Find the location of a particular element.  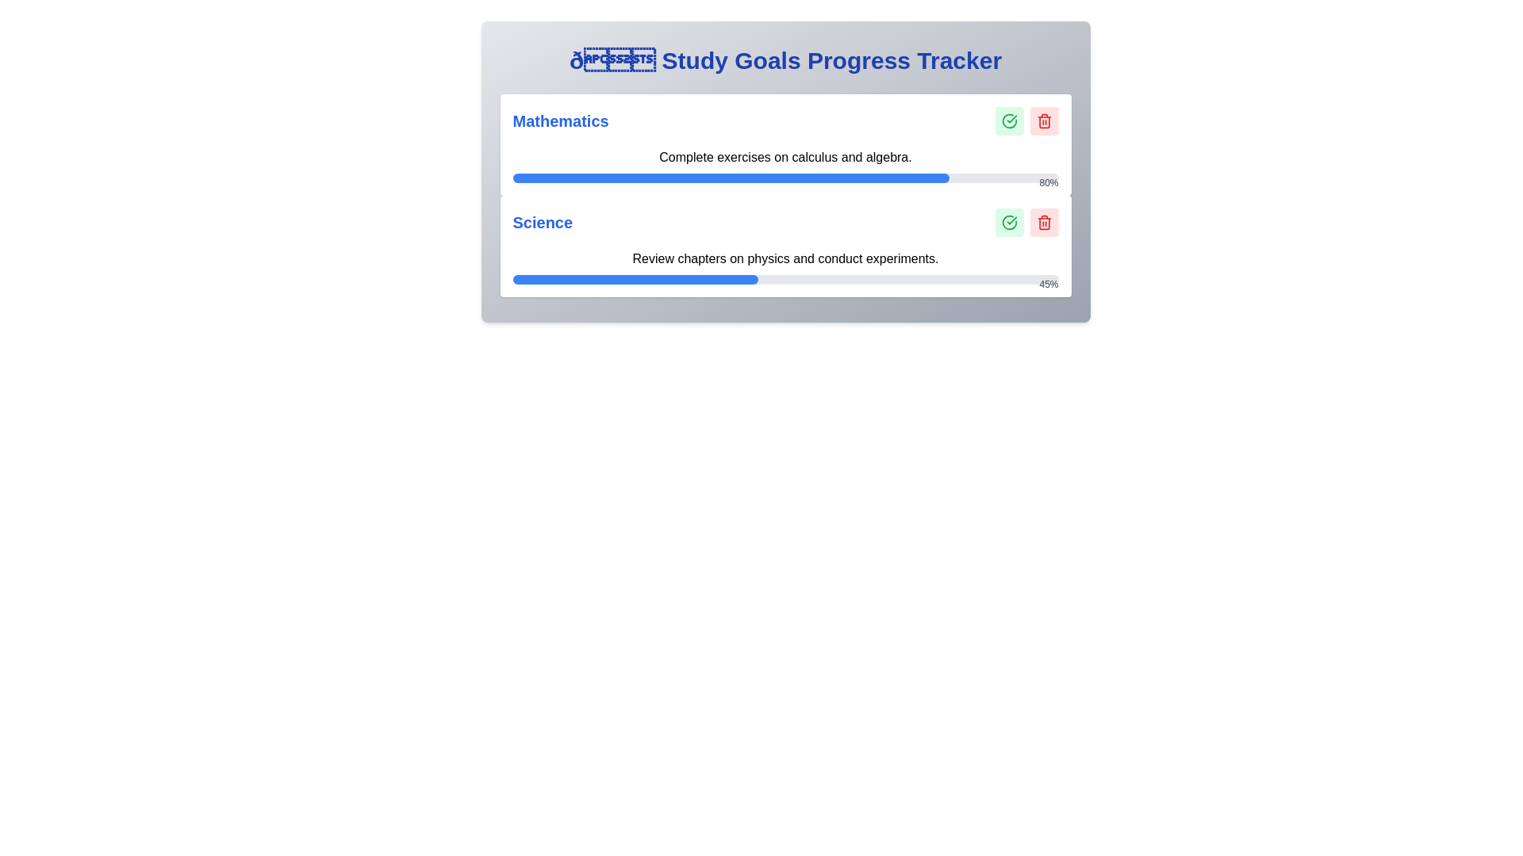

the circular SVG graphic icon styled in green, which is part of a checkmark and located to the right of the 'Mathematics' section label is located at coordinates (1008, 223).